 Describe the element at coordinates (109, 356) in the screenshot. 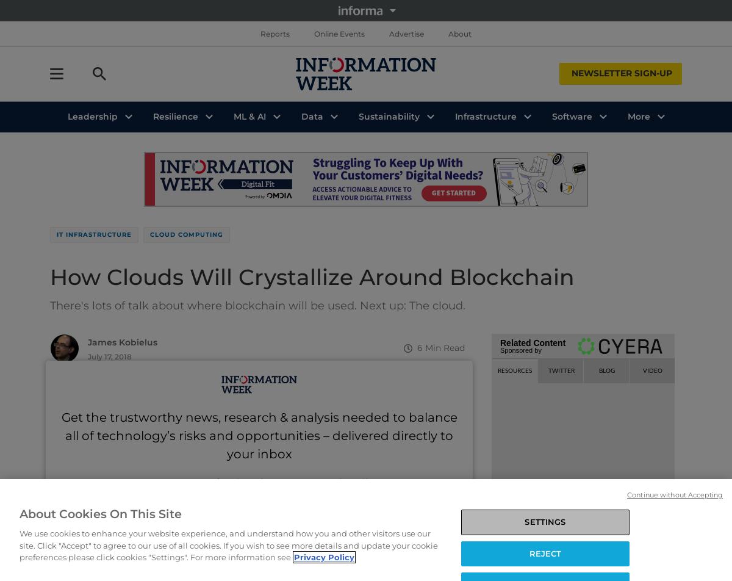

I see `'July 17, 2018'` at that location.